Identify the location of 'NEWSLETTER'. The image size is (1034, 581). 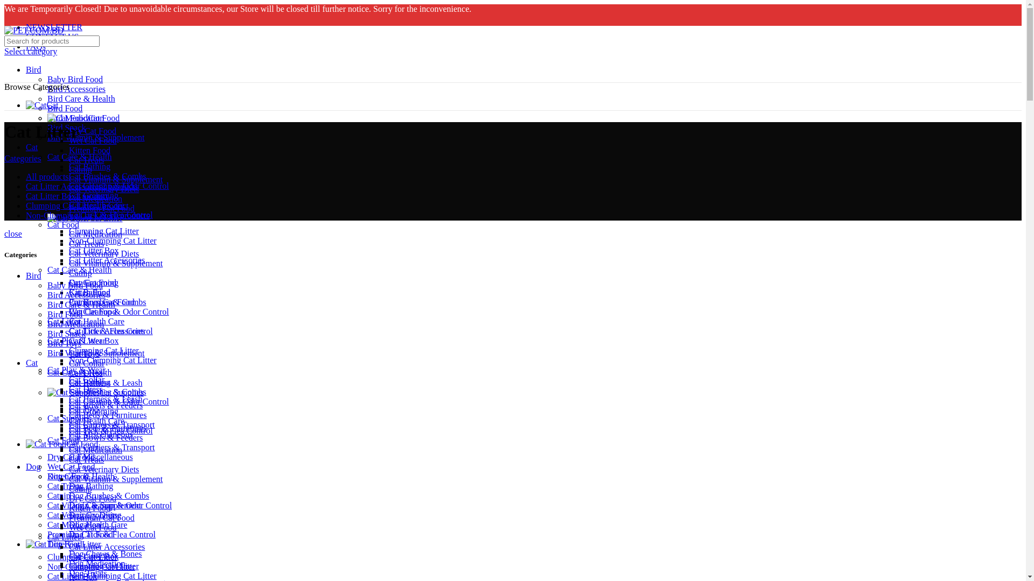
(53, 26).